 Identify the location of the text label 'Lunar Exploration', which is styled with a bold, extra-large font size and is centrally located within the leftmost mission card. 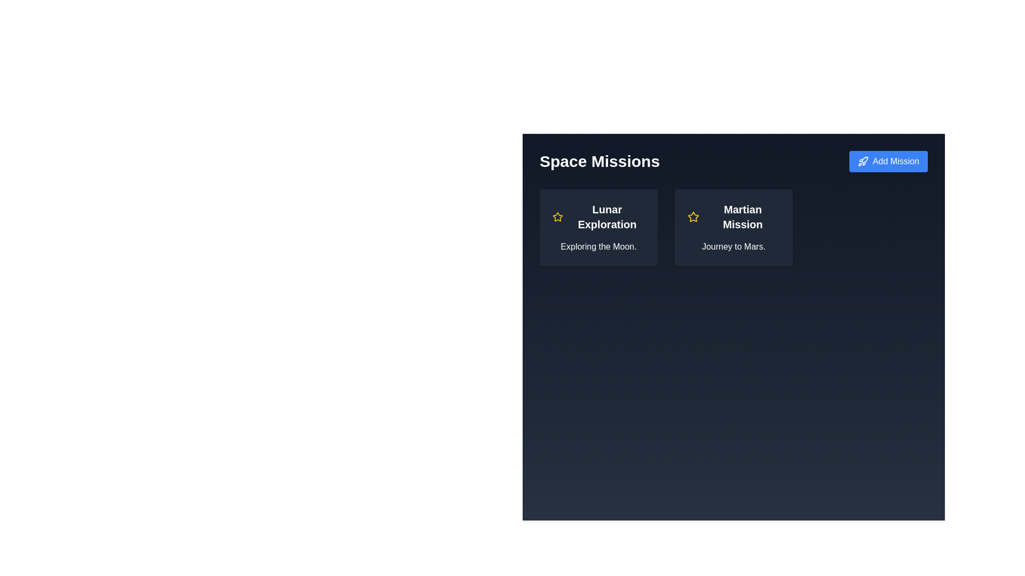
(607, 217).